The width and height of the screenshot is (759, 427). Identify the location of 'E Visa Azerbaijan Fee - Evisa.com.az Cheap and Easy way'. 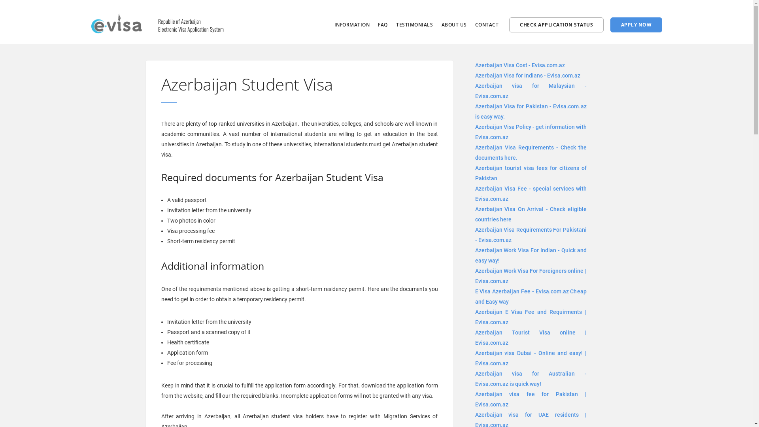
(531, 296).